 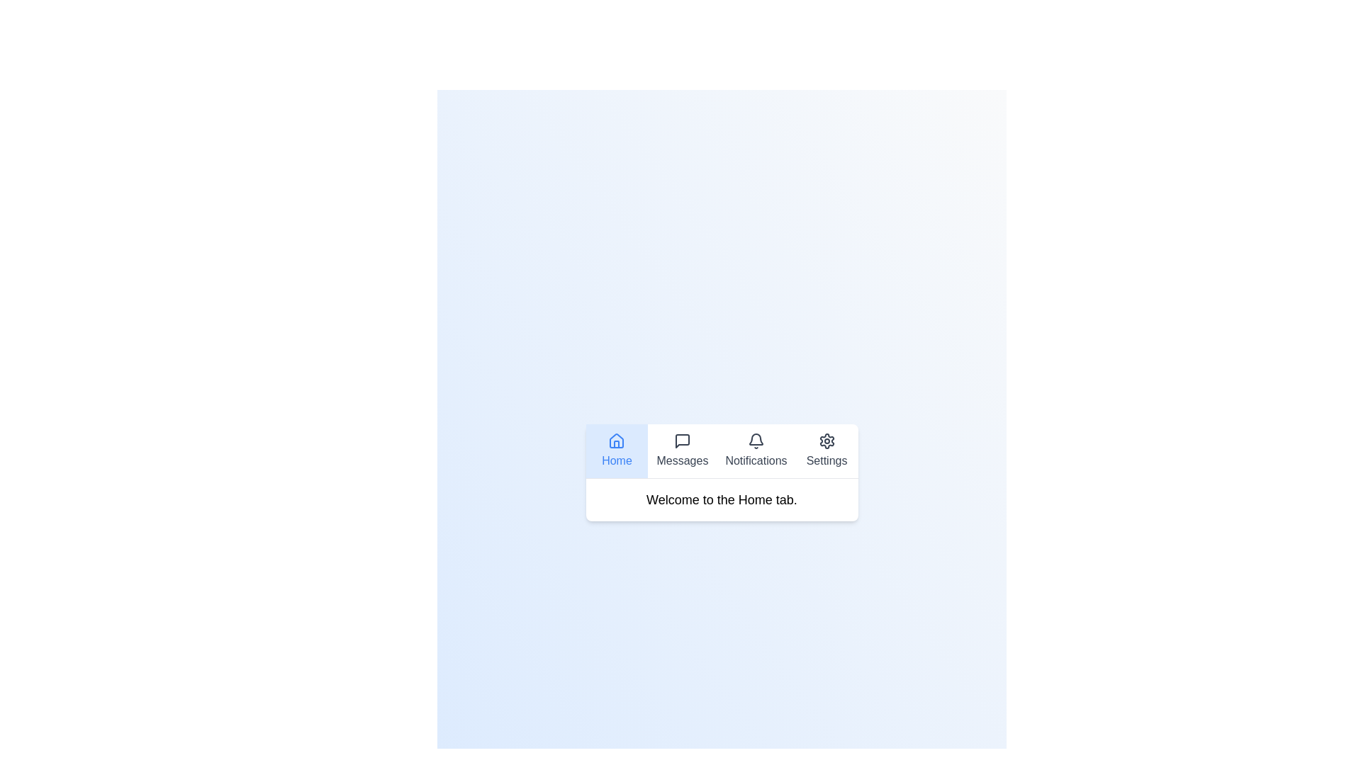 I want to click on the blue house icon located above the 'Home' label, so click(x=617, y=440).